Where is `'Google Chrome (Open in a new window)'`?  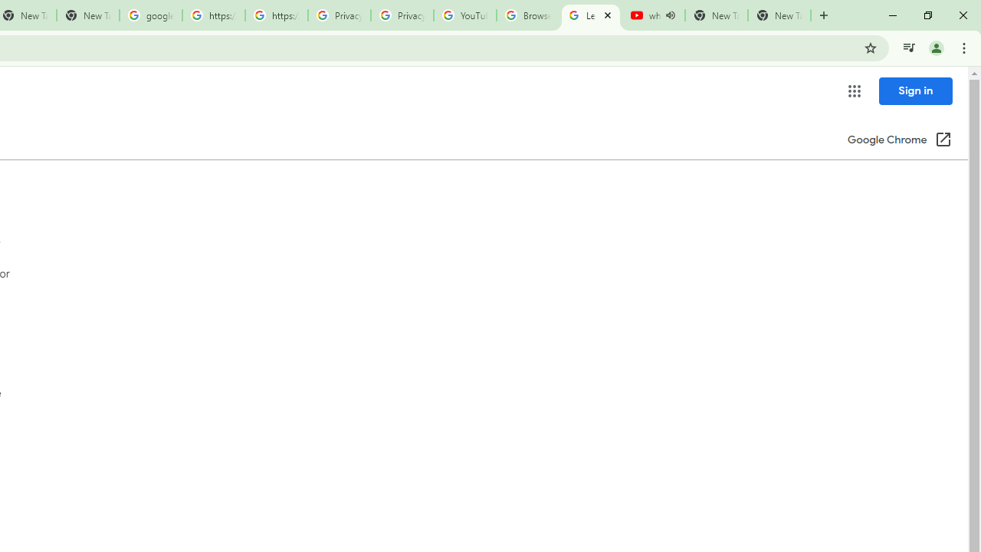
'Google Chrome (Open in a new window)' is located at coordinates (899, 140).